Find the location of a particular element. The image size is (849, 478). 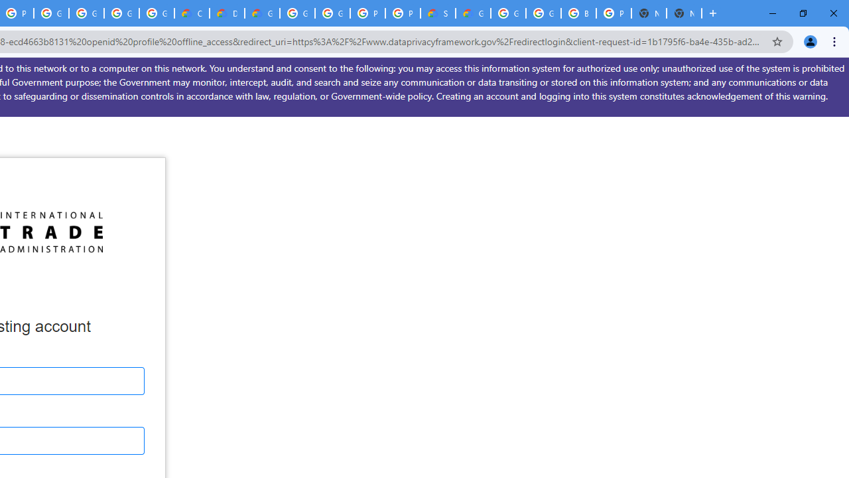

'Google Cloud Platform' is located at coordinates (332, 13).